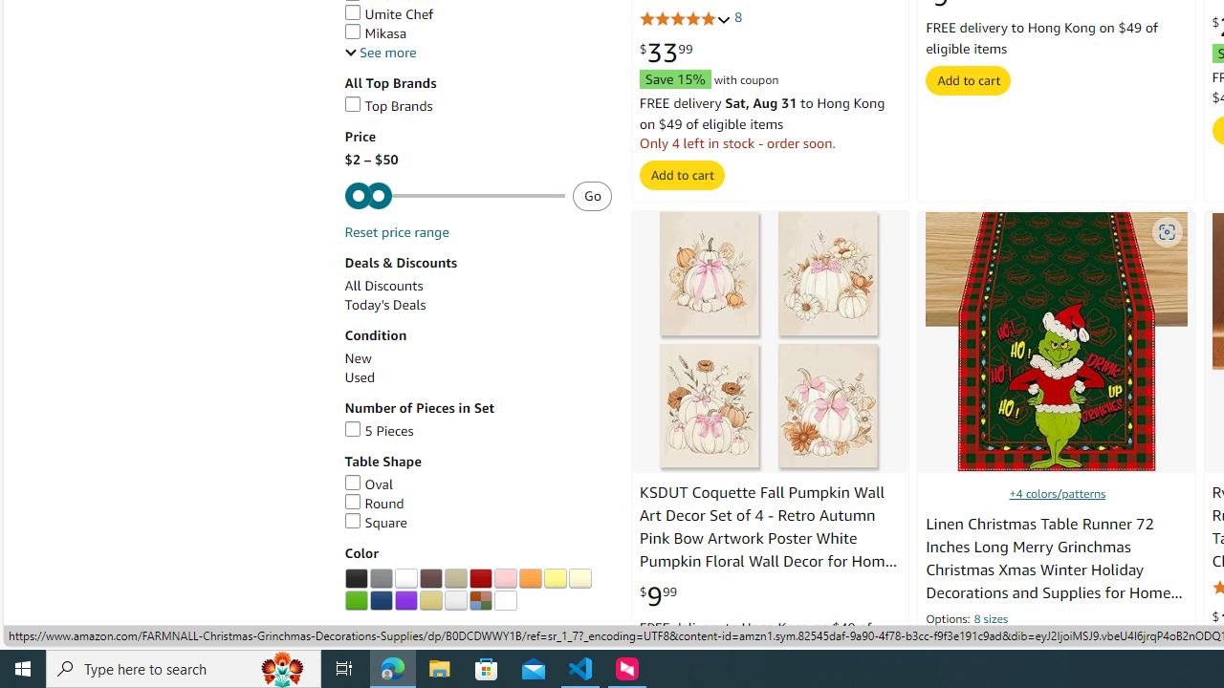 The image size is (1224, 688). What do you see at coordinates (480, 599) in the screenshot?
I see `'Multi'` at bounding box center [480, 599].